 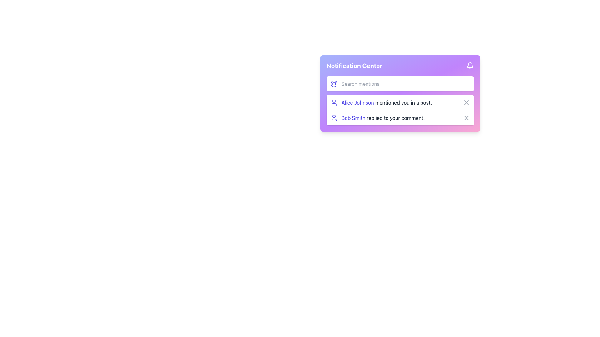 I want to click on the search icon within the notification center, which signifies the search functionality and is positioned to the left of the 'Search mentions' placeholder text, so click(x=334, y=84).